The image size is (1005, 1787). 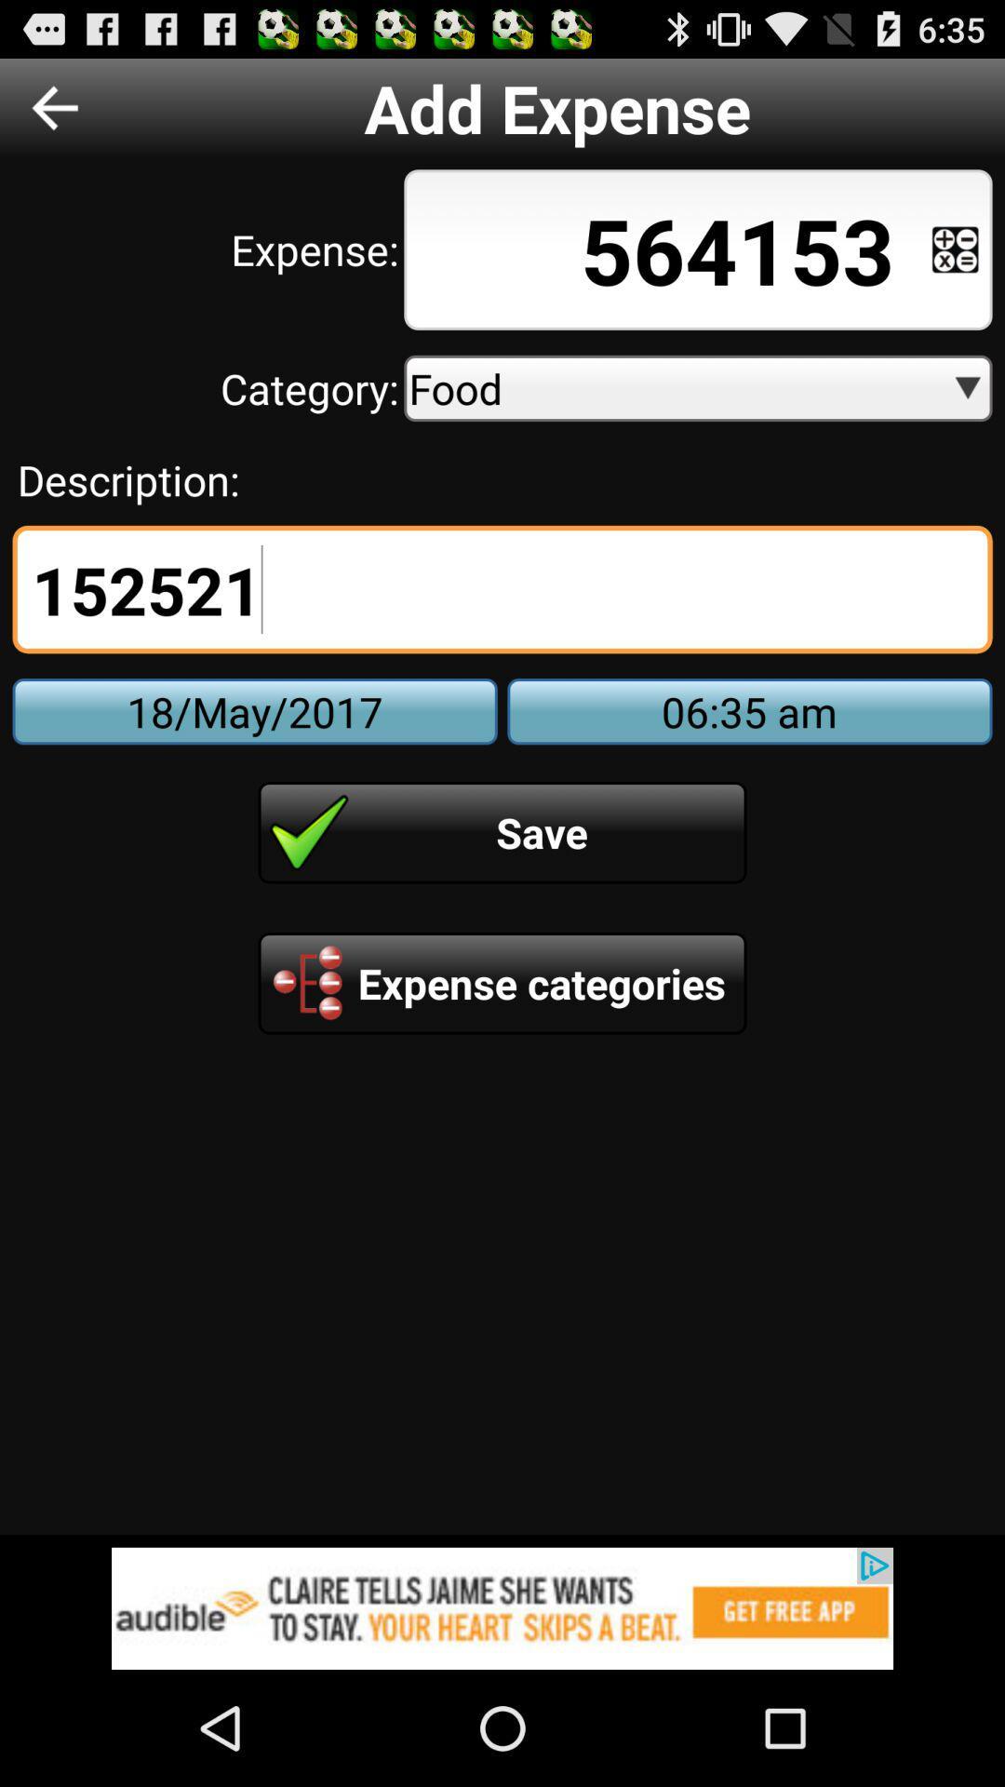 What do you see at coordinates (54, 106) in the screenshot?
I see `back button` at bounding box center [54, 106].